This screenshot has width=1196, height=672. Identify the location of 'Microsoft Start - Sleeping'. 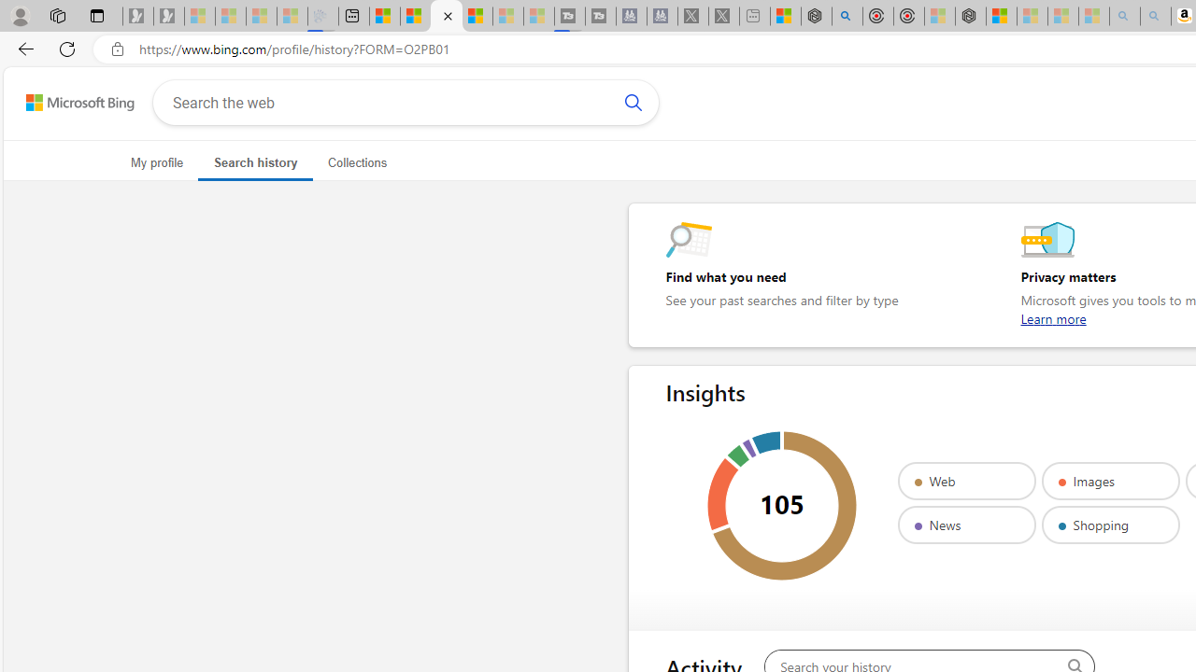
(508, 16).